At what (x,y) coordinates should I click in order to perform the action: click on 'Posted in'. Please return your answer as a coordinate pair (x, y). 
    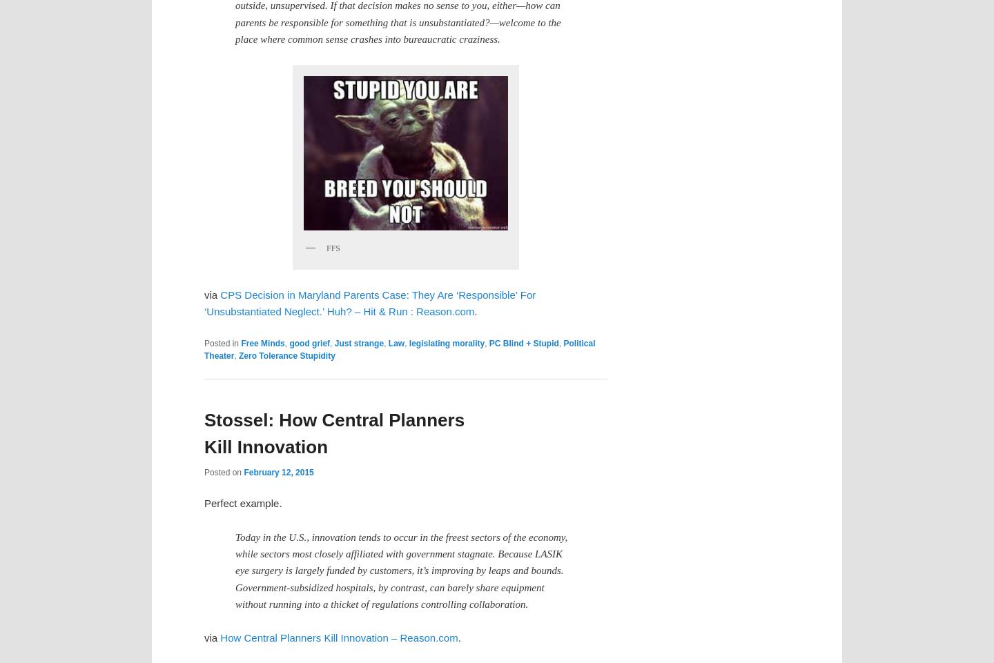
    Looking at the image, I should click on (221, 343).